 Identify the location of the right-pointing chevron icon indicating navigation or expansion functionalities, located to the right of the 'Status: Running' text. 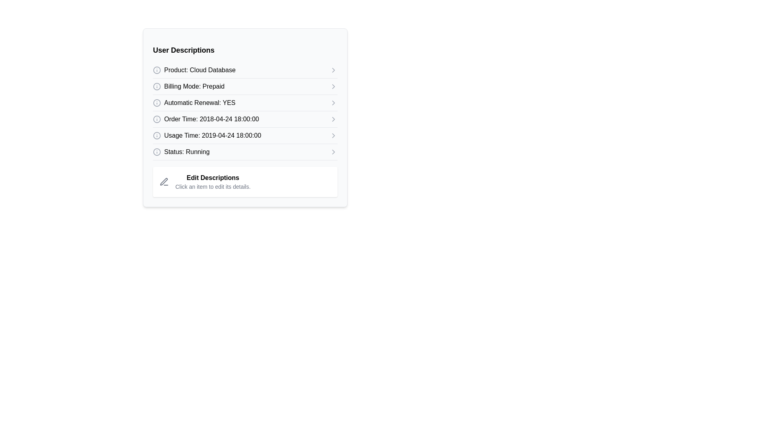
(334, 152).